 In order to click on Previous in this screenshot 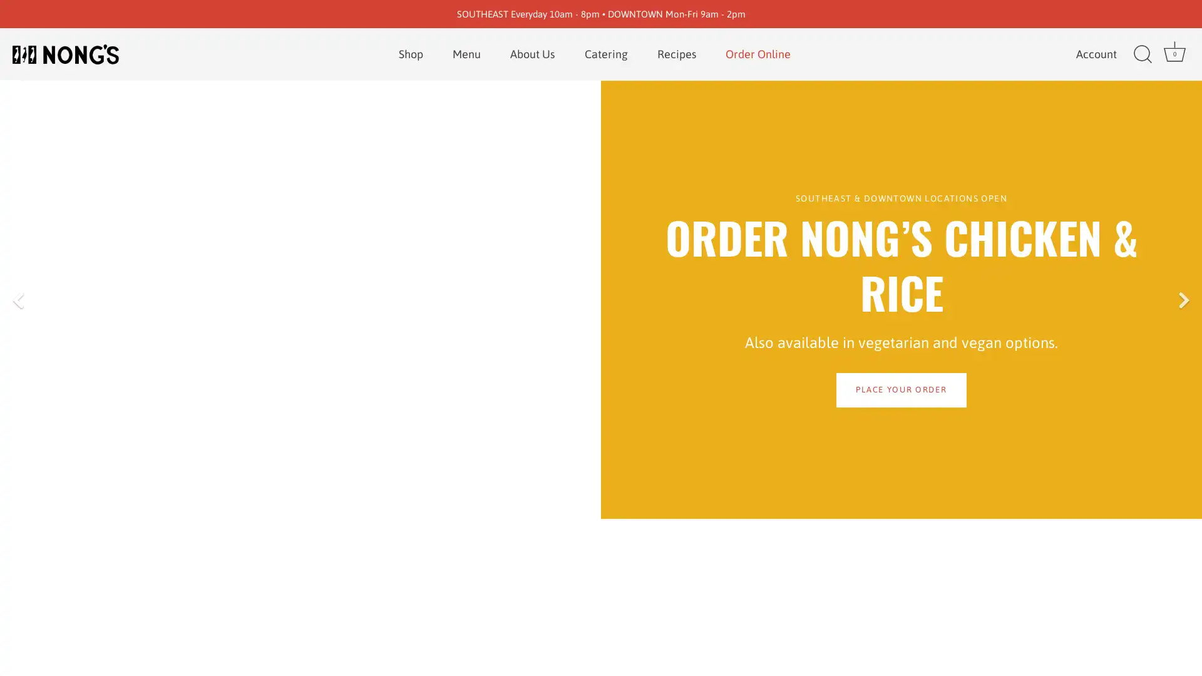, I will do `click(18, 299)`.